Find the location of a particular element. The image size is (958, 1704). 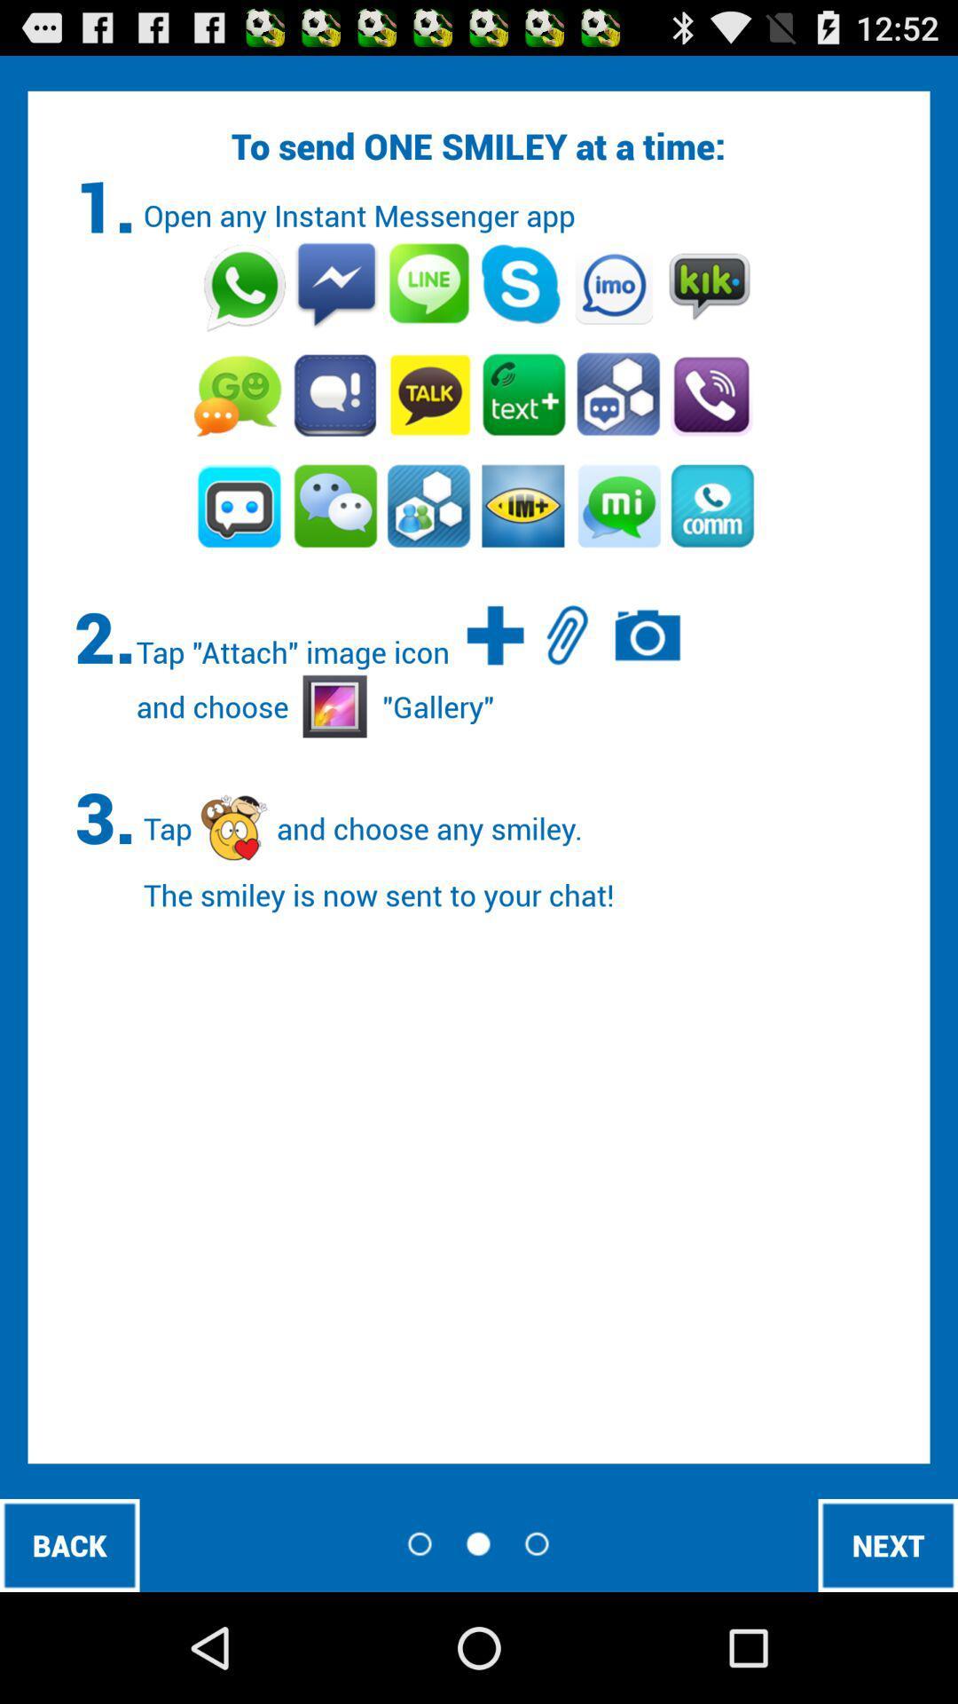

the item below the smiley is icon is located at coordinates (68, 1544).